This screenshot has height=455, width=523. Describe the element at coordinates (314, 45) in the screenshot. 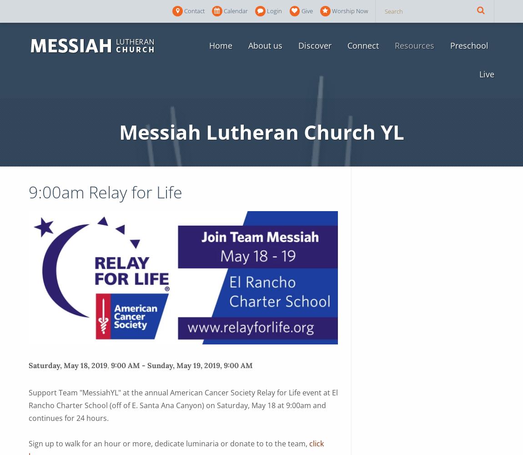

I see `'Discover'` at that location.